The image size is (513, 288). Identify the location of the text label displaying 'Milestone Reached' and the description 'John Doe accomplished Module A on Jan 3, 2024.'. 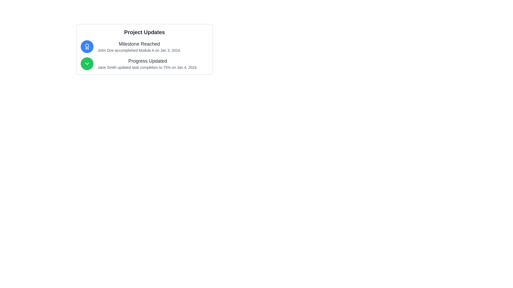
(139, 46).